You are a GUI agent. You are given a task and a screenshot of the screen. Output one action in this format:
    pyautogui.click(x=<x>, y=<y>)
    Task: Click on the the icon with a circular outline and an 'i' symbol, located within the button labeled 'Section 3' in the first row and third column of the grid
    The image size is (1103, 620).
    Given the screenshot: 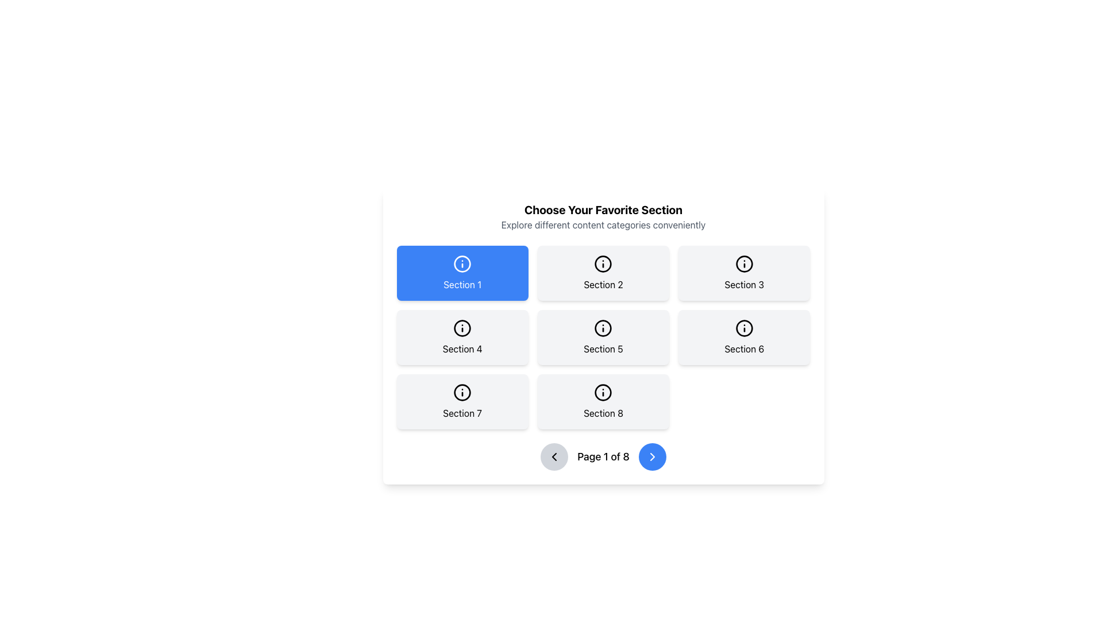 What is the action you would take?
    pyautogui.click(x=744, y=263)
    